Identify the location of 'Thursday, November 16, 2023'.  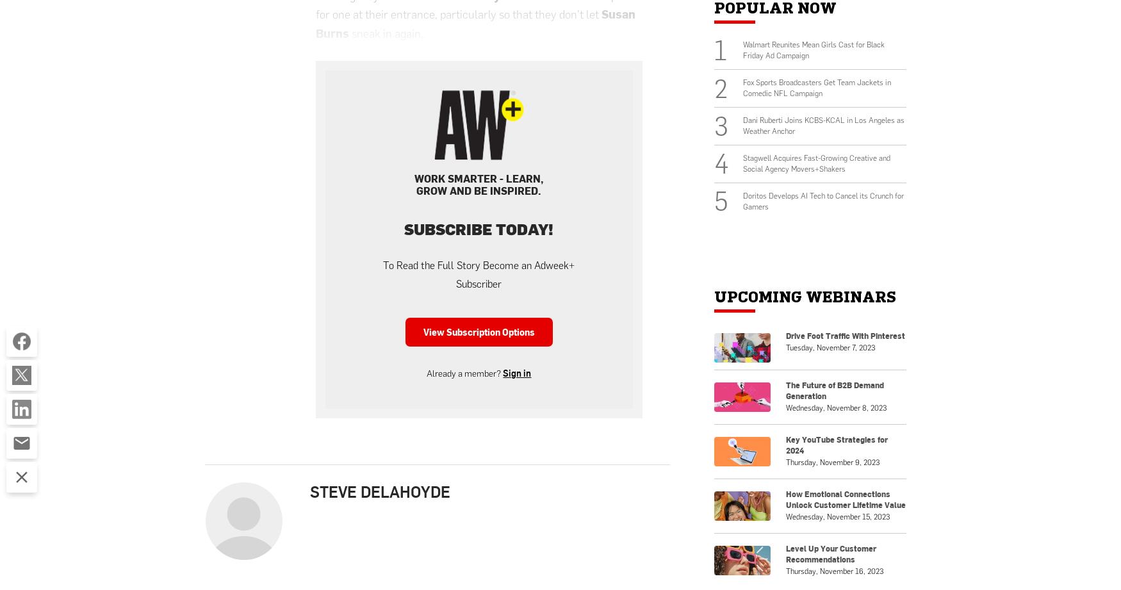
(833, 570).